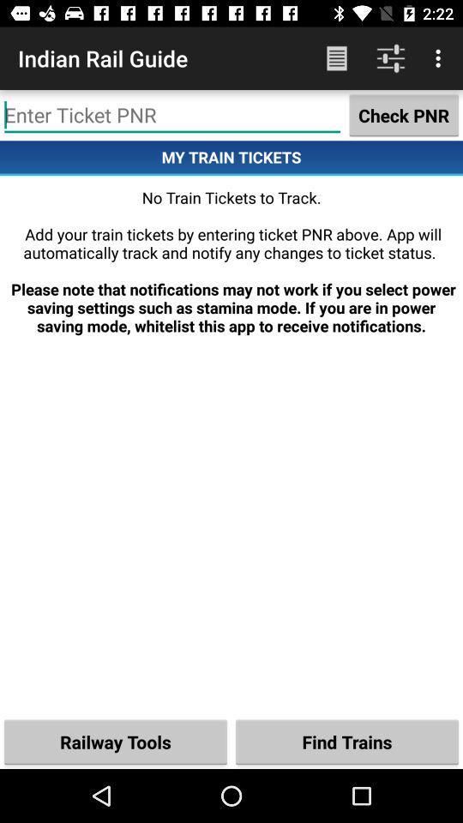 The image size is (463, 823). I want to click on type ticket pnr, so click(172, 114).